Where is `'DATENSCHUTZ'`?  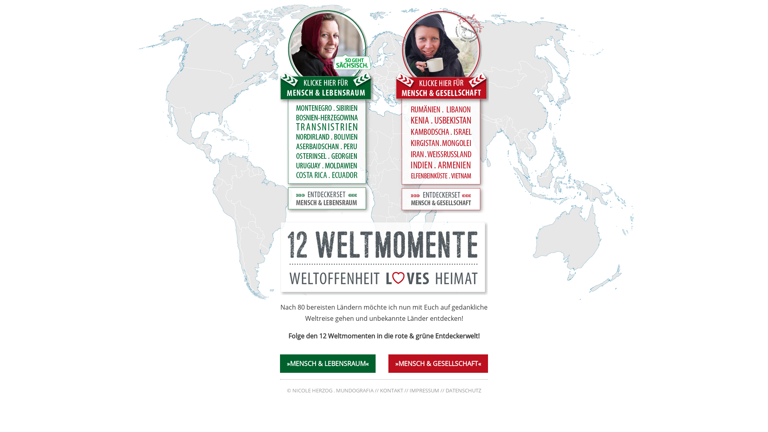 'DATENSCHUTZ' is located at coordinates (463, 390).